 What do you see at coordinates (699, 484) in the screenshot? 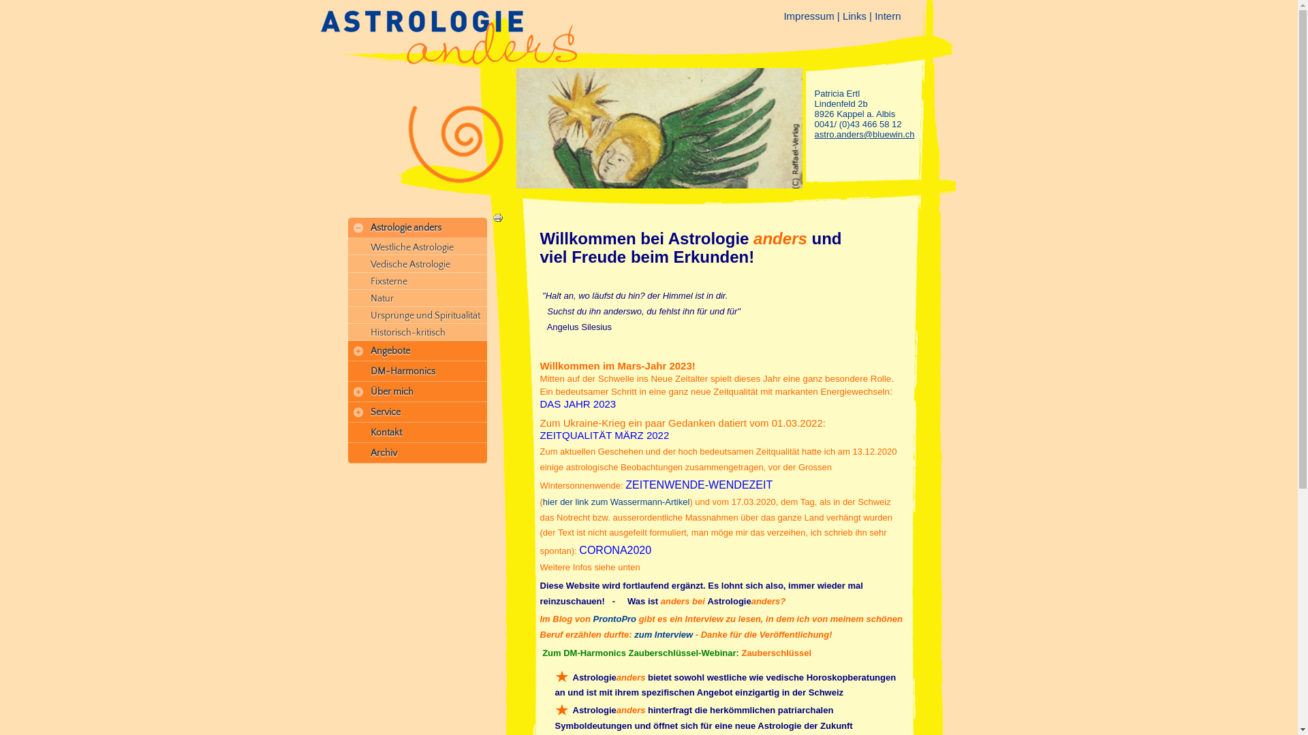
I see `'ZEITENWENDE-WENDEZEIT'` at bounding box center [699, 484].